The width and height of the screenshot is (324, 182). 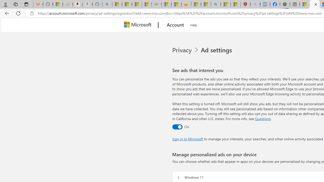 What do you see at coordinates (15, 4) in the screenshot?
I see `'Workspaces'` at bounding box center [15, 4].